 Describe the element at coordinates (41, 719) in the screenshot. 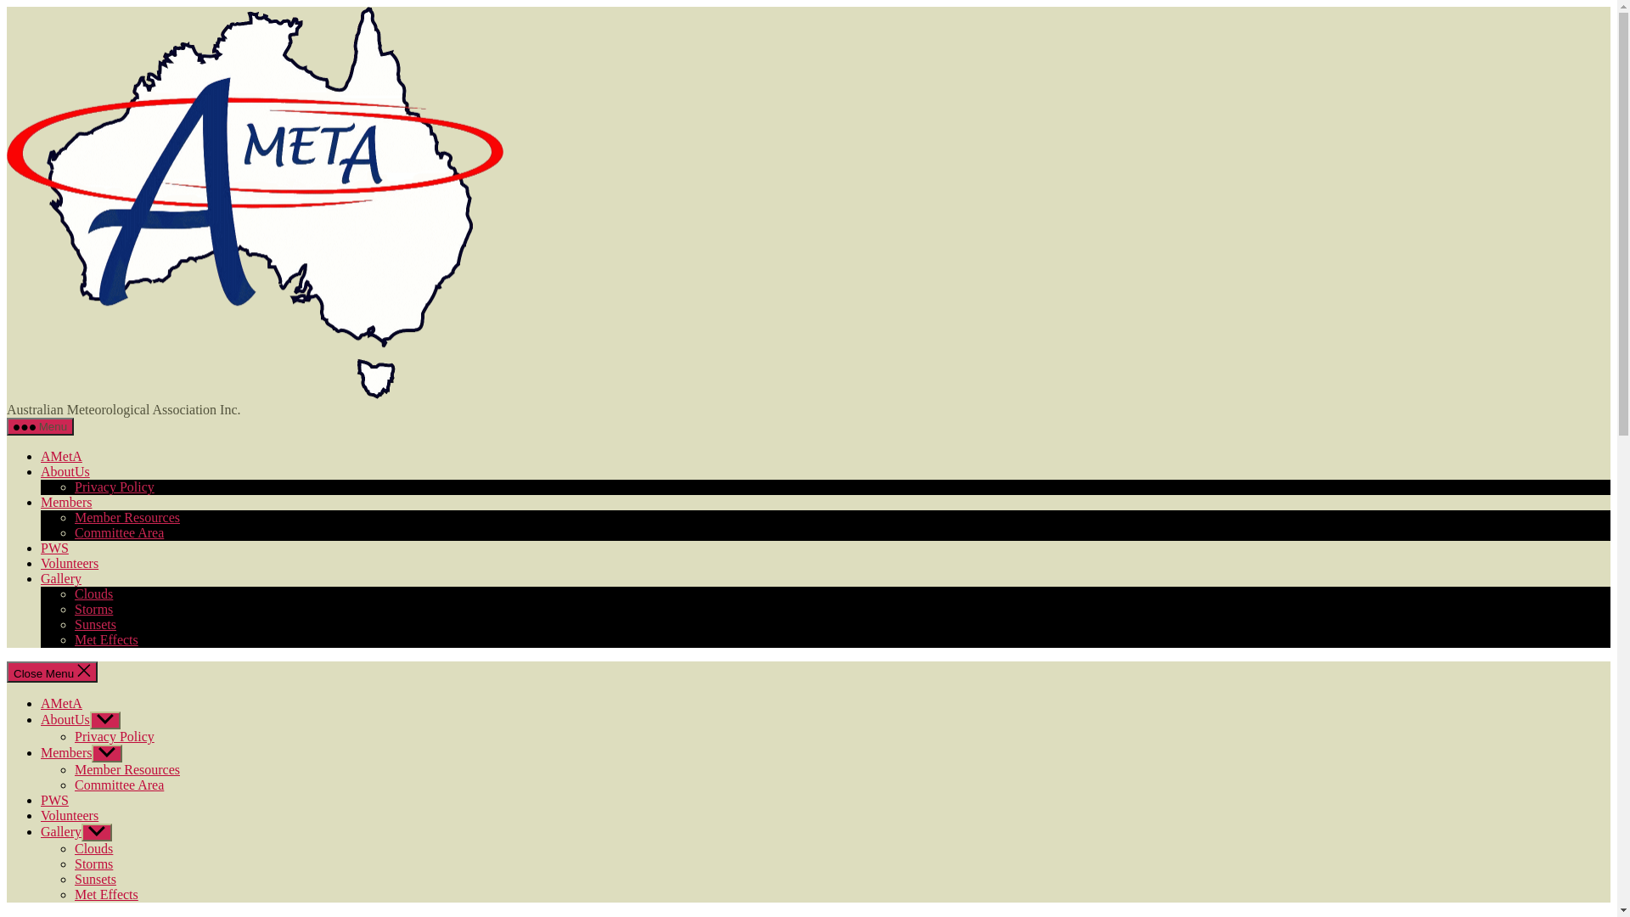

I see `'AboutUs'` at that location.